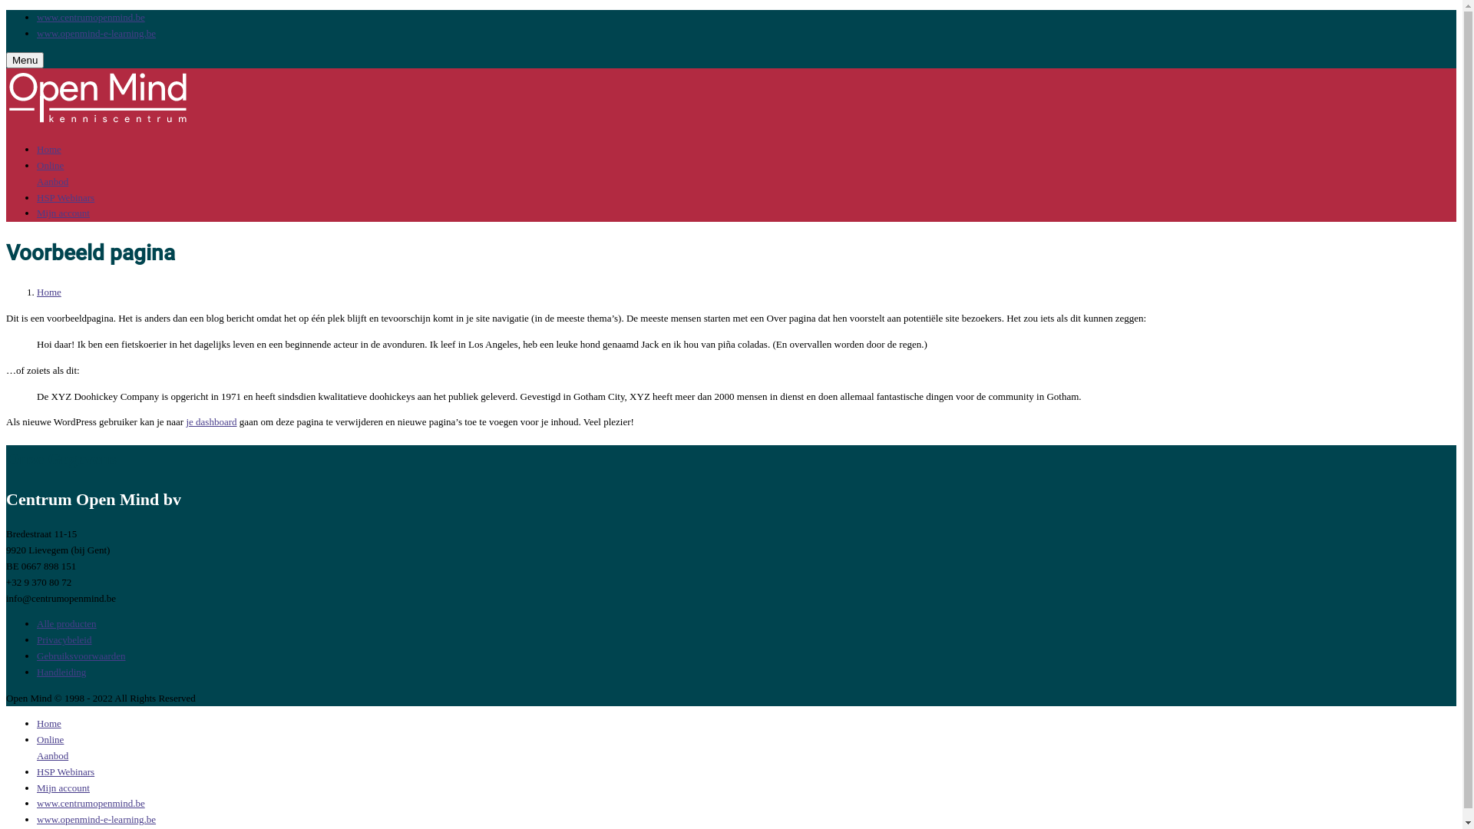 The height and width of the screenshot is (829, 1474). What do you see at coordinates (6, 59) in the screenshot?
I see `'Menu'` at bounding box center [6, 59].